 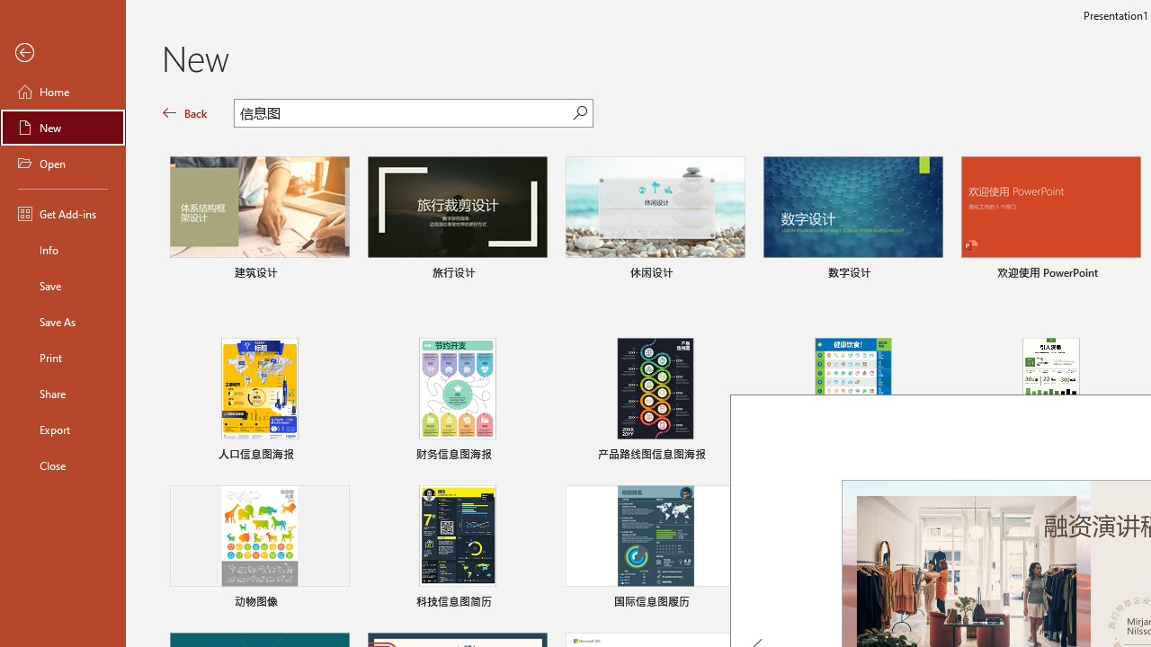 What do you see at coordinates (62, 126) in the screenshot?
I see `'New'` at bounding box center [62, 126].